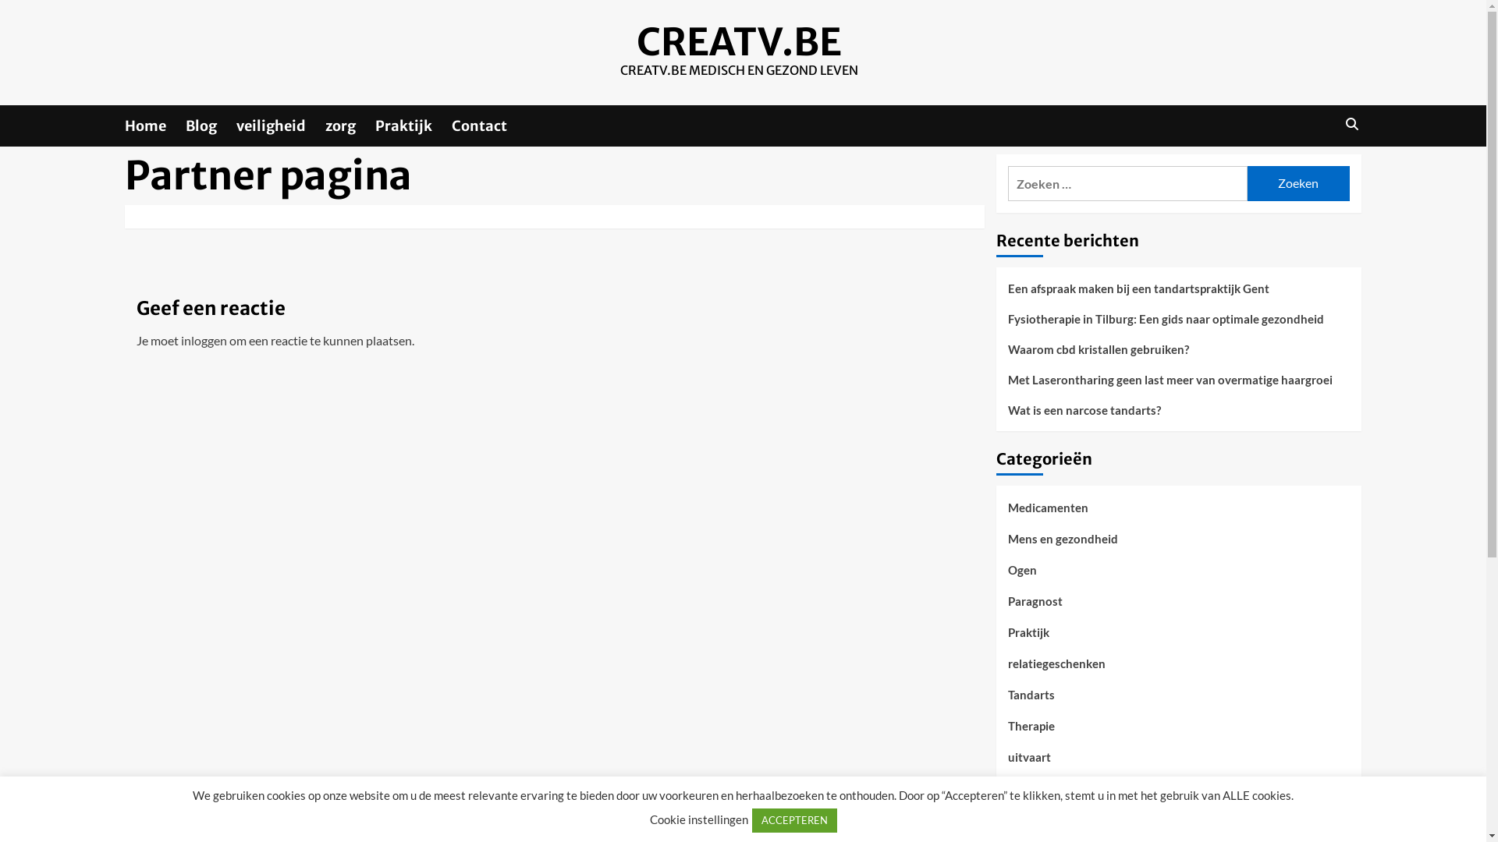 Image resolution: width=1498 pixels, height=842 pixels. What do you see at coordinates (1351, 123) in the screenshot?
I see `'Search'` at bounding box center [1351, 123].